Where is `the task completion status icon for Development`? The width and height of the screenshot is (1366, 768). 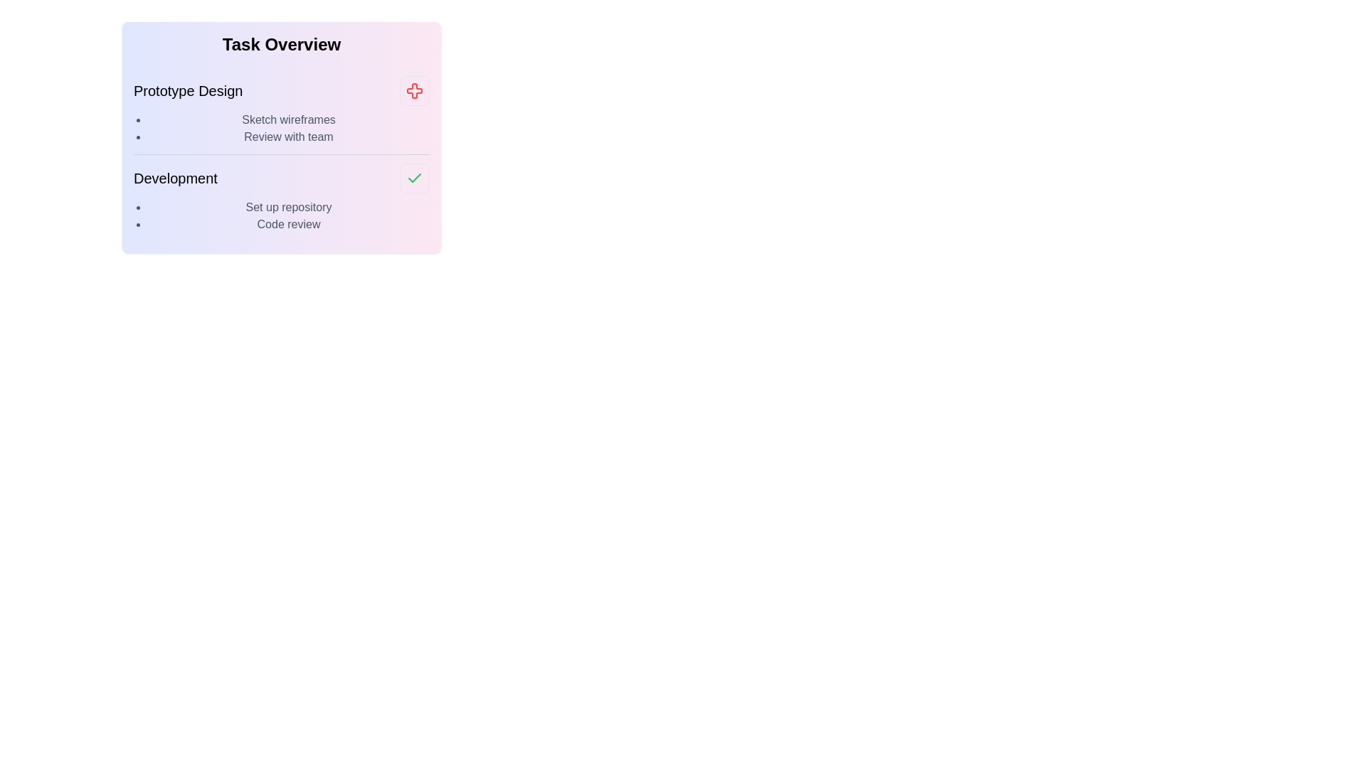 the task completion status icon for Development is located at coordinates (413, 177).